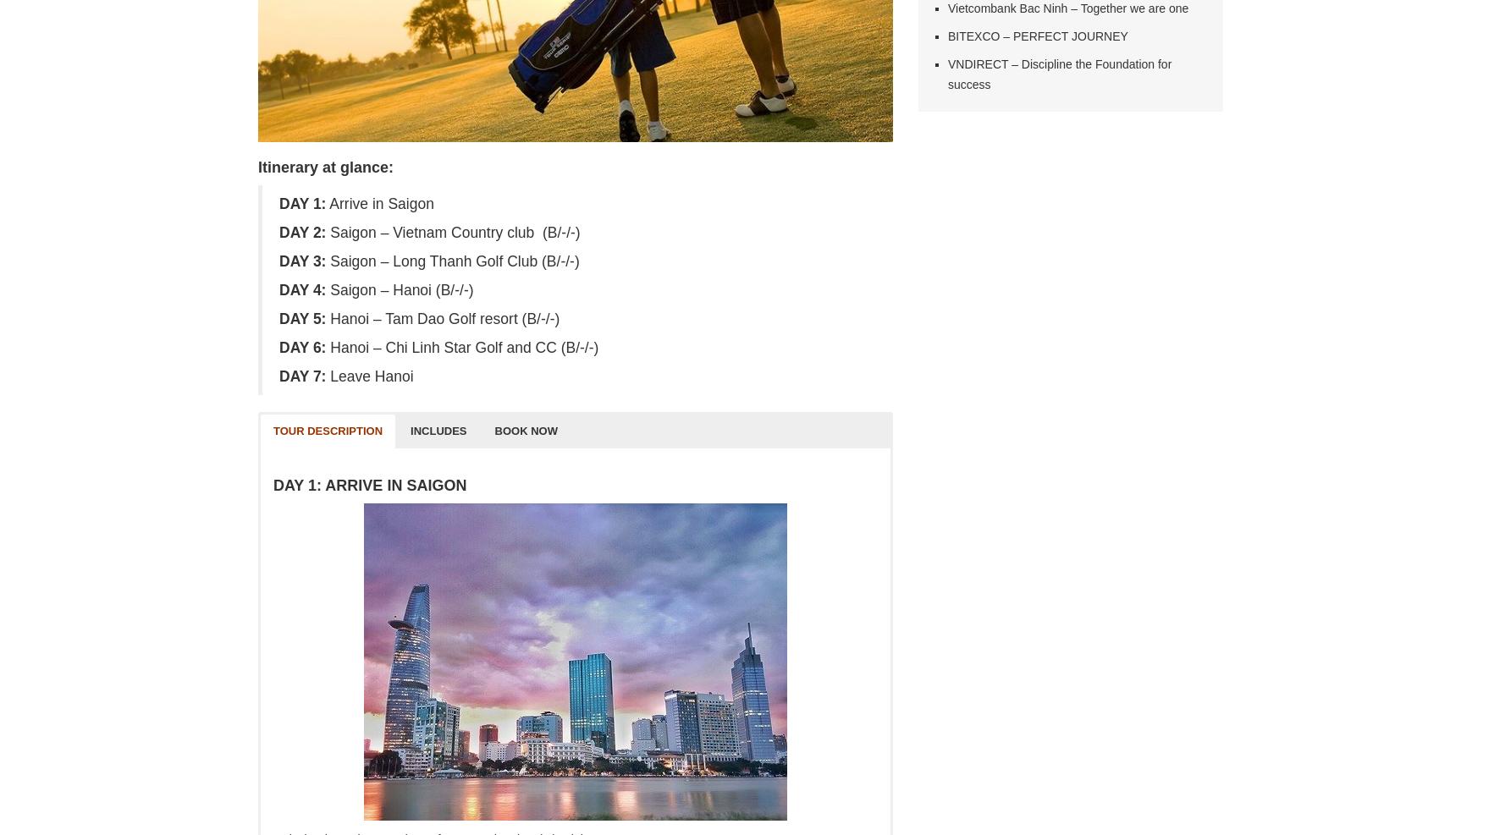 The width and height of the screenshot is (1494, 835). What do you see at coordinates (301, 204) in the screenshot?
I see `'DAY 1:'` at bounding box center [301, 204].